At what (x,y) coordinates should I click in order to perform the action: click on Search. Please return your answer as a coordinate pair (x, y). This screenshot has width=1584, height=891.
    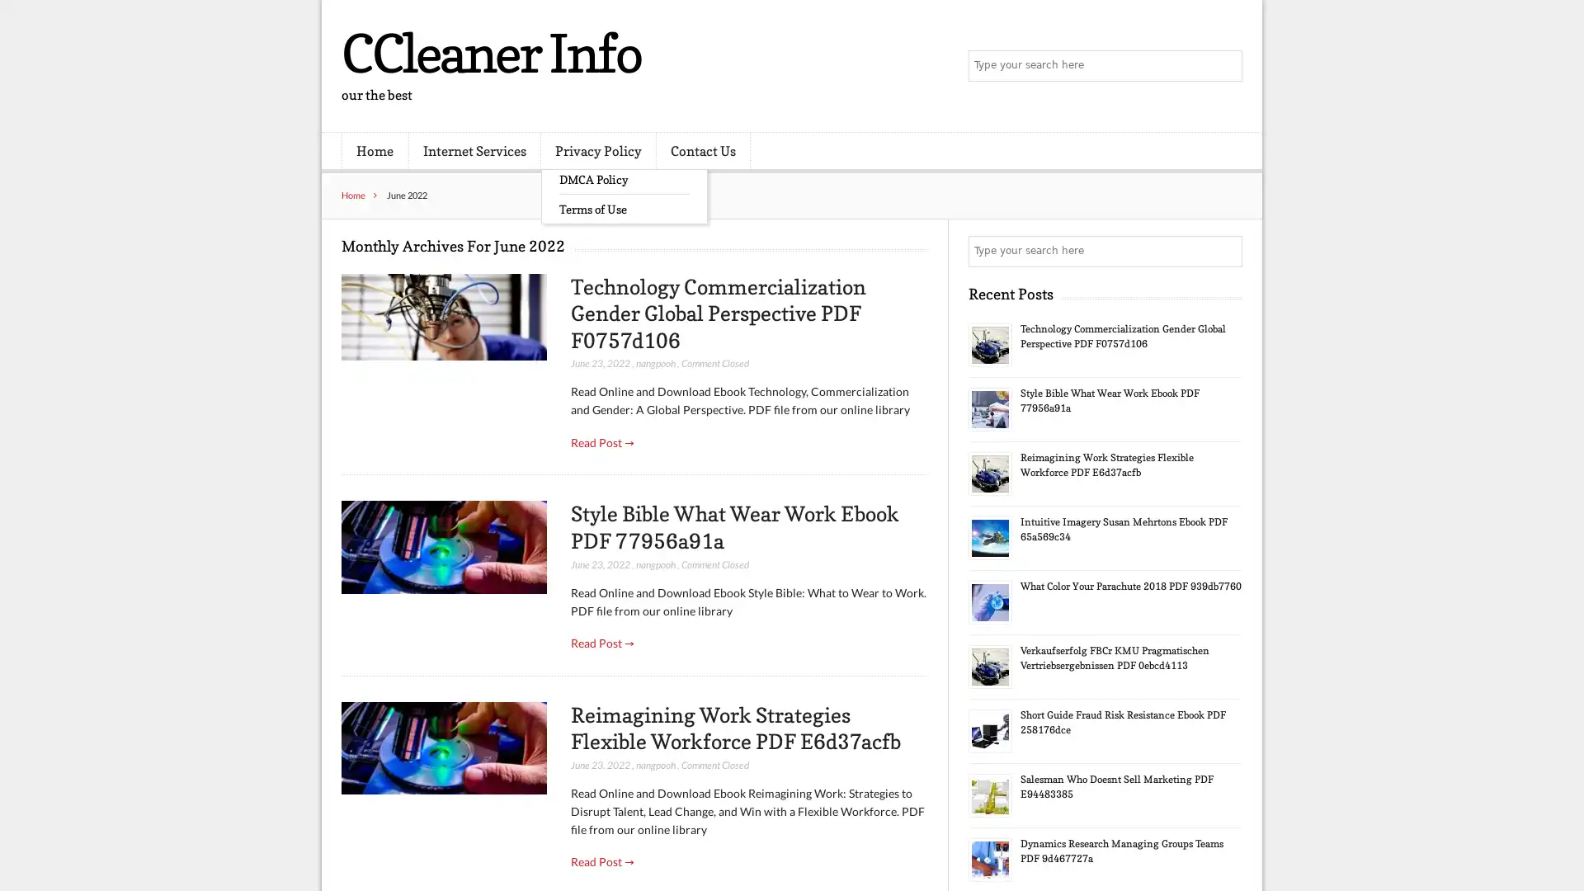
    Looking at the image, I should click on (1225, 251).